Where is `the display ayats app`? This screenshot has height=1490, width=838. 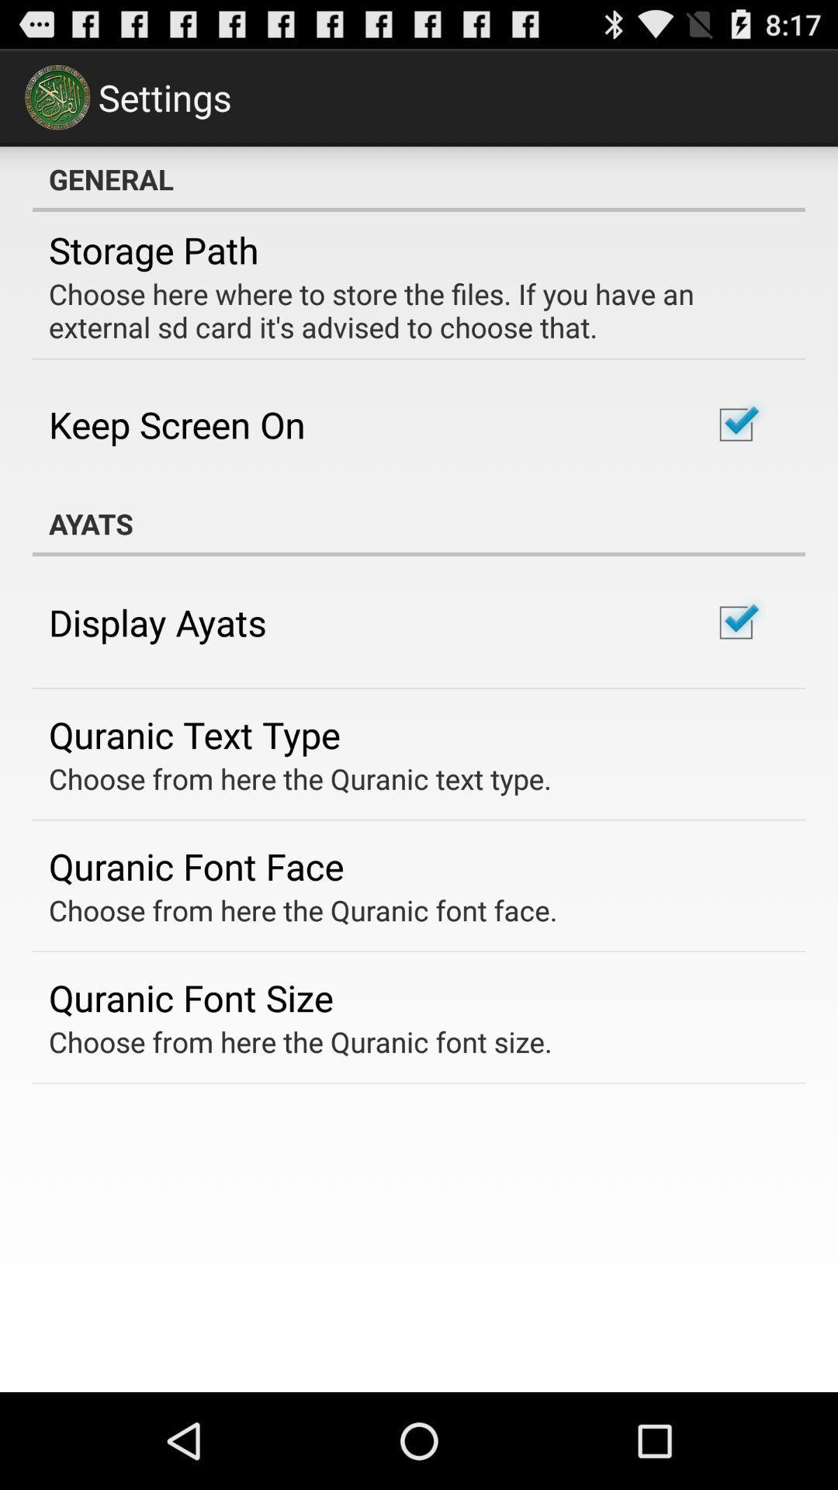 the display ayats app is located at coordinates (158, 622).